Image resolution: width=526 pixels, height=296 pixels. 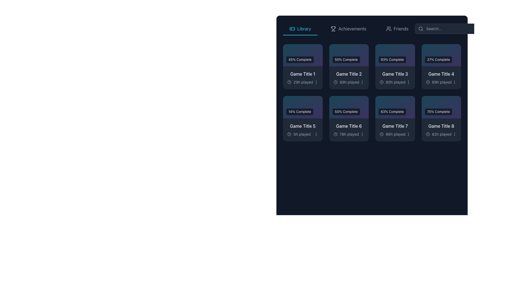 What do you see at coordinates (289, 82) in the screenshot?
I see `the SVG circle element representing the clock icon next to the text '29h played' in the first card under 'Game Title 1' in the Library section` at bounding box center [289, 82].